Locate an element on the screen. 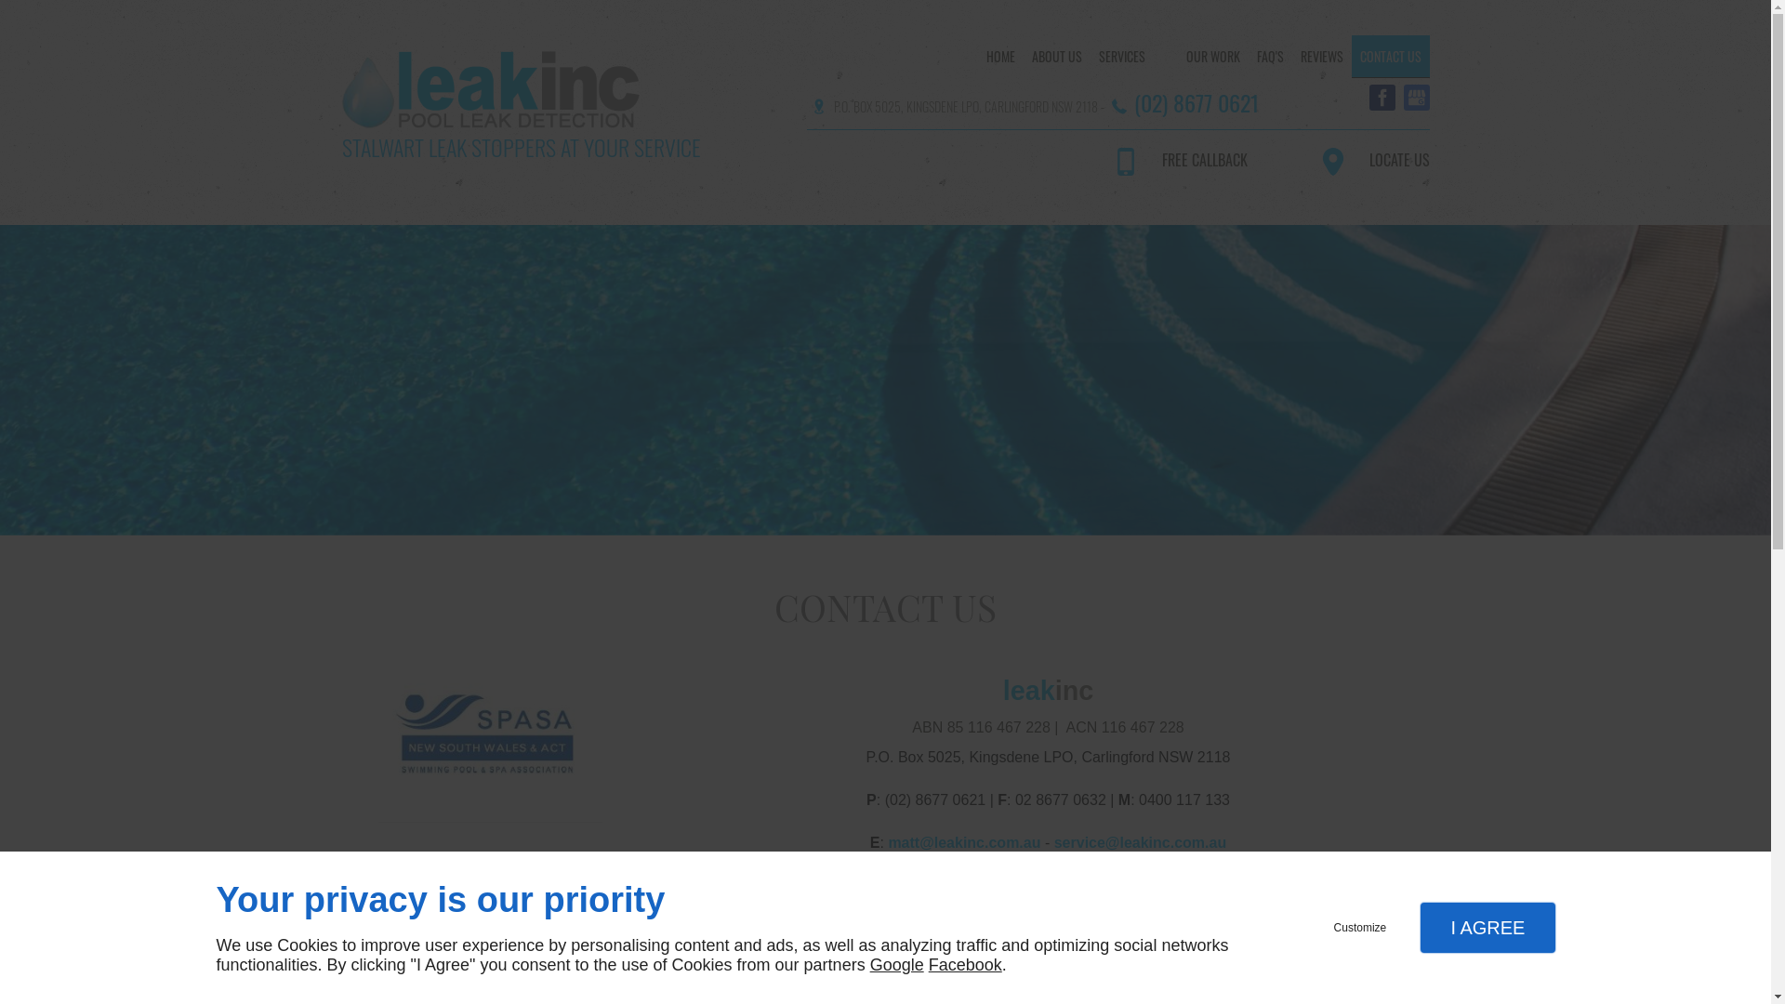 Image resolution: width=1785 pixels, height=1004 pixels. 'Mybusiness' is located at coordinates (1415, 97).